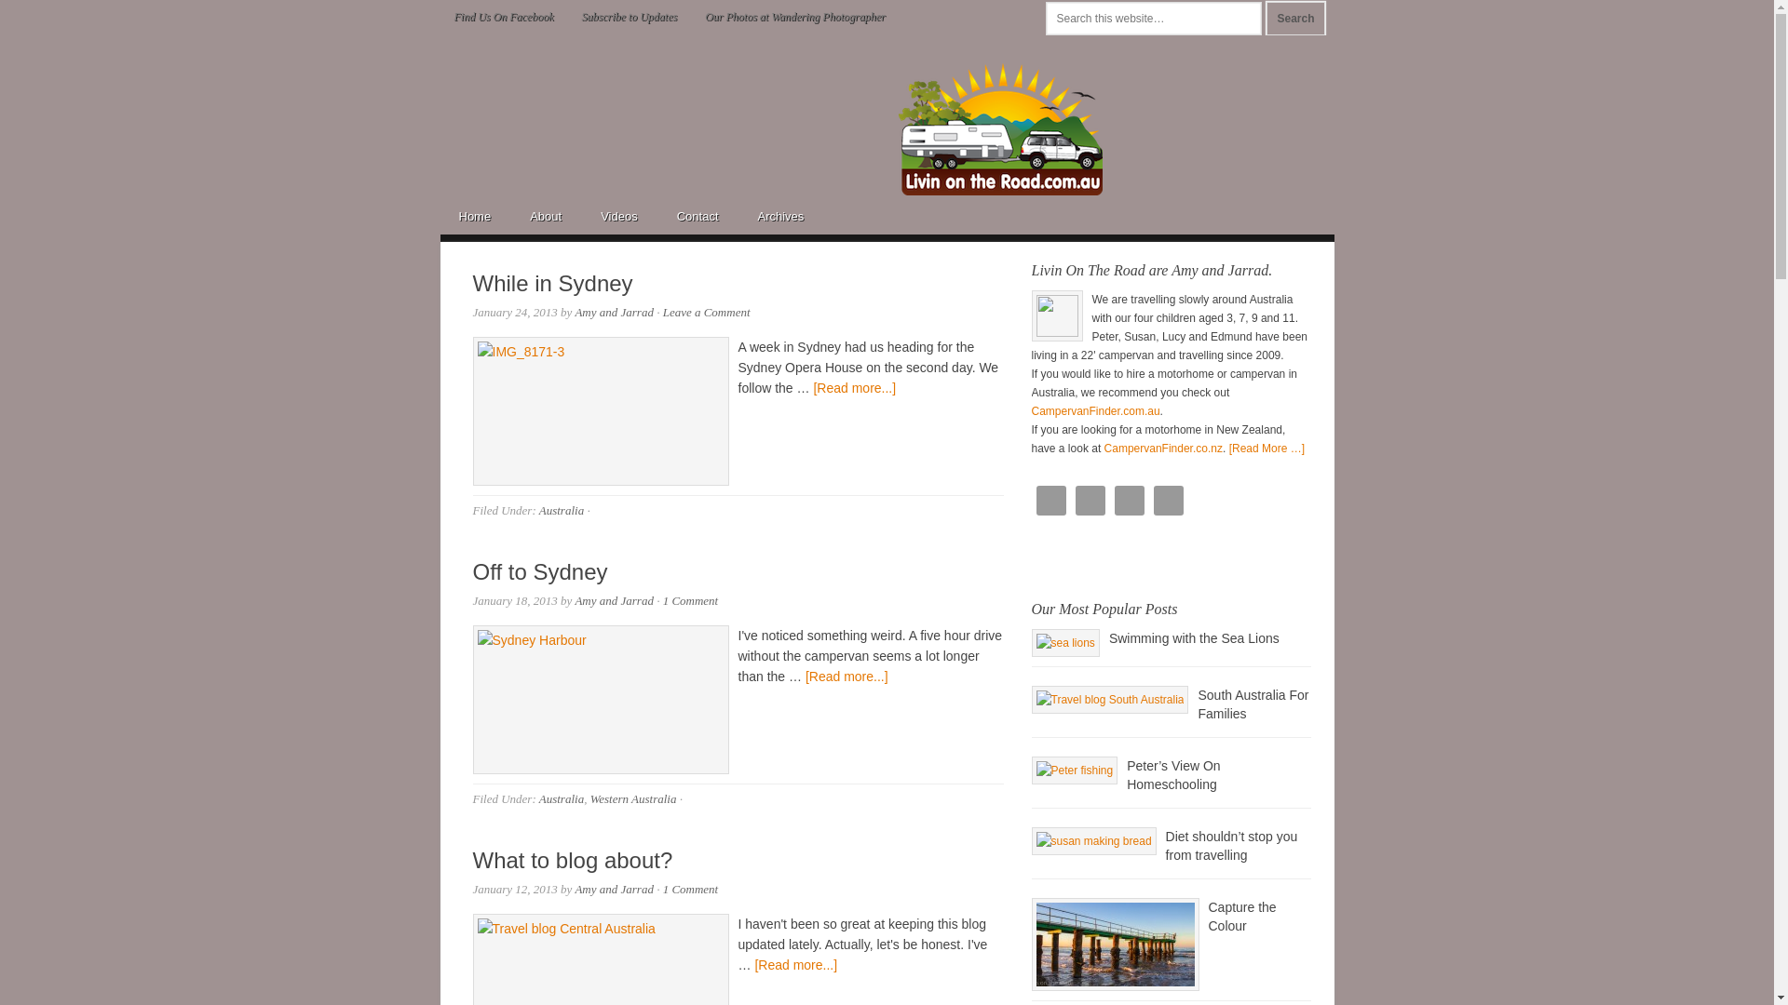  What do you see at coordinates (614, 311) in the screenshot?
I see `'Amy and Jarrad'` at bounding box center [614, 311].